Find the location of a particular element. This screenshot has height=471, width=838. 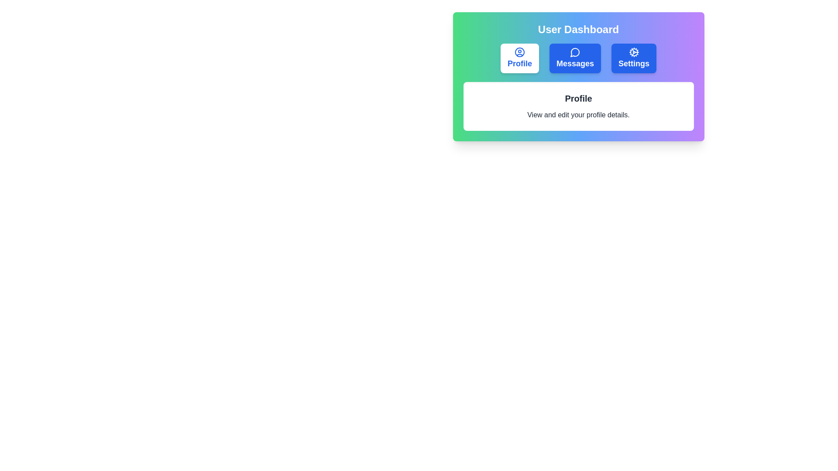

and drop the 'Messages' button icon located at the center of the User Dashboard card is located at coordinates (575, 52).